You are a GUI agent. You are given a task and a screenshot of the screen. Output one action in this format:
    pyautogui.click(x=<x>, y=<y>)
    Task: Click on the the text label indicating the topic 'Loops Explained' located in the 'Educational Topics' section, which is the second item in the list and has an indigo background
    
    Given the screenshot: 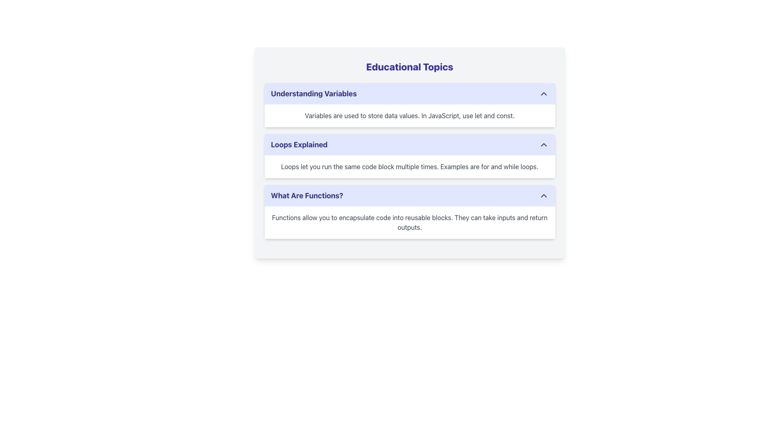 What is the action you would take?
    pyautogui.click(x=299, y=144)
    